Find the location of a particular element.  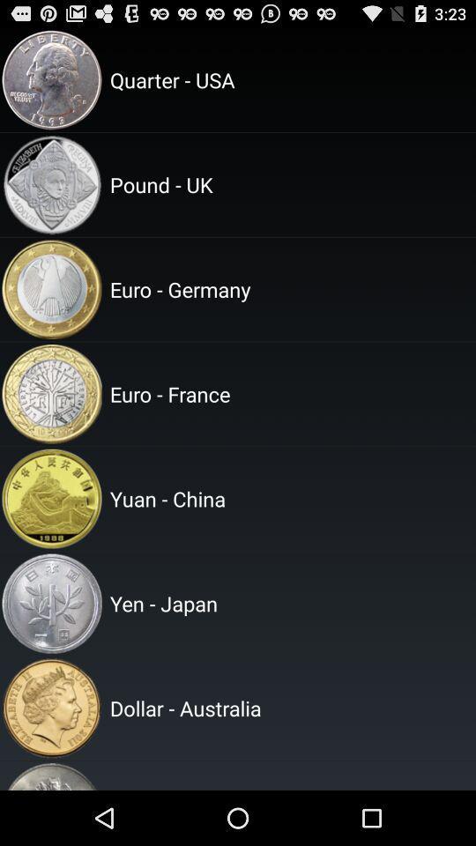

euro - france app is located at coordinates (290, 394).